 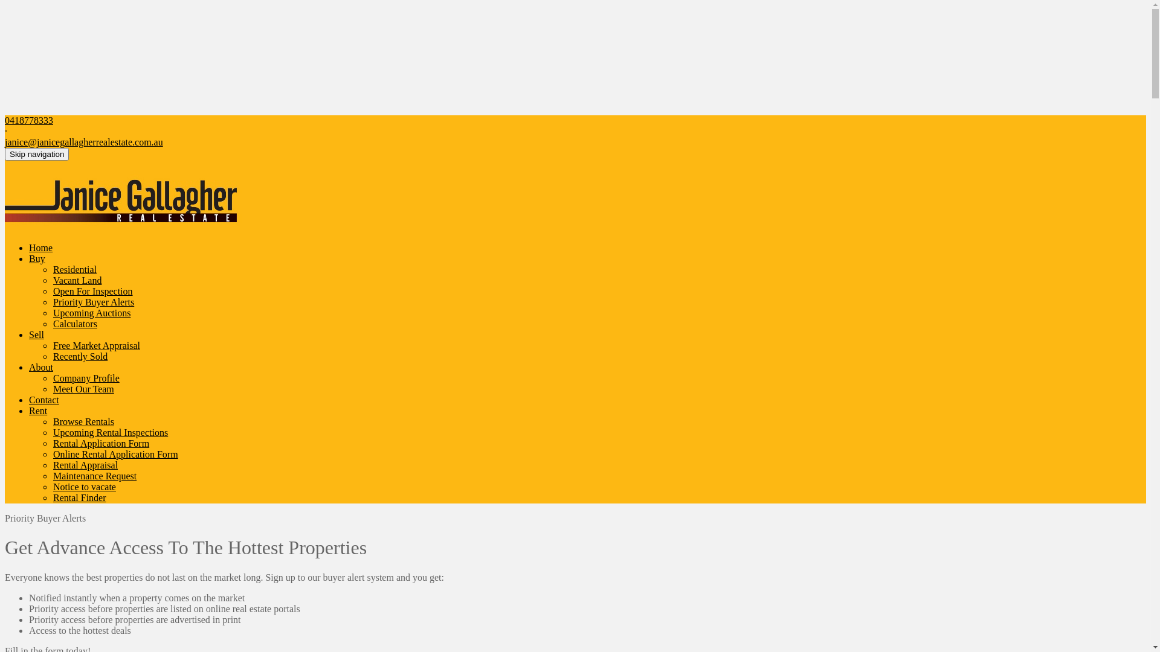 I want to click on 'Calculators', so click(x=74, y=323).